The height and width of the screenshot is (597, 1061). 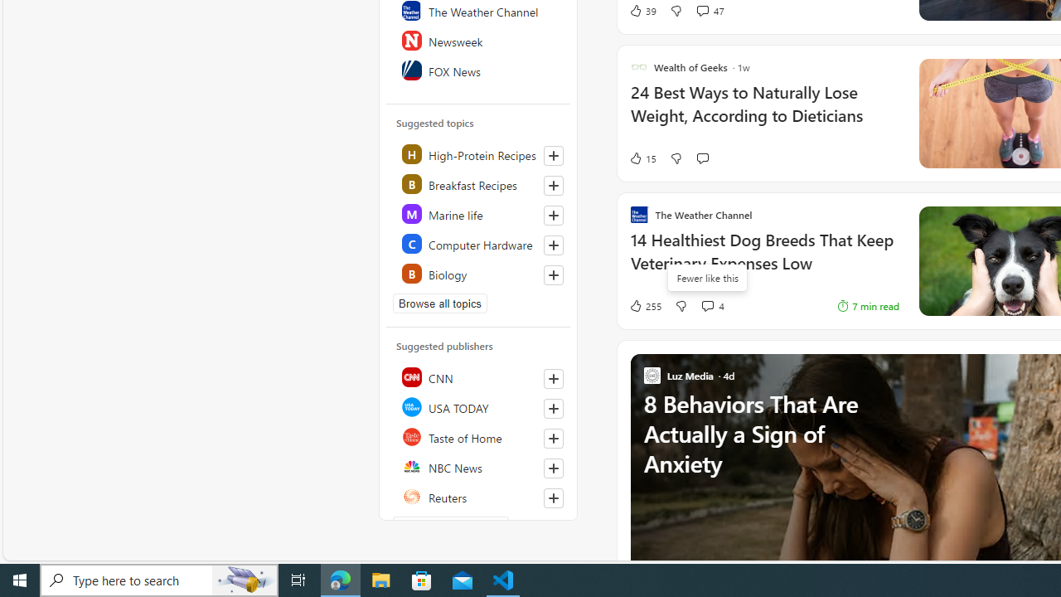 I want to click on 'Follow this source', so click(x=553, y=497).